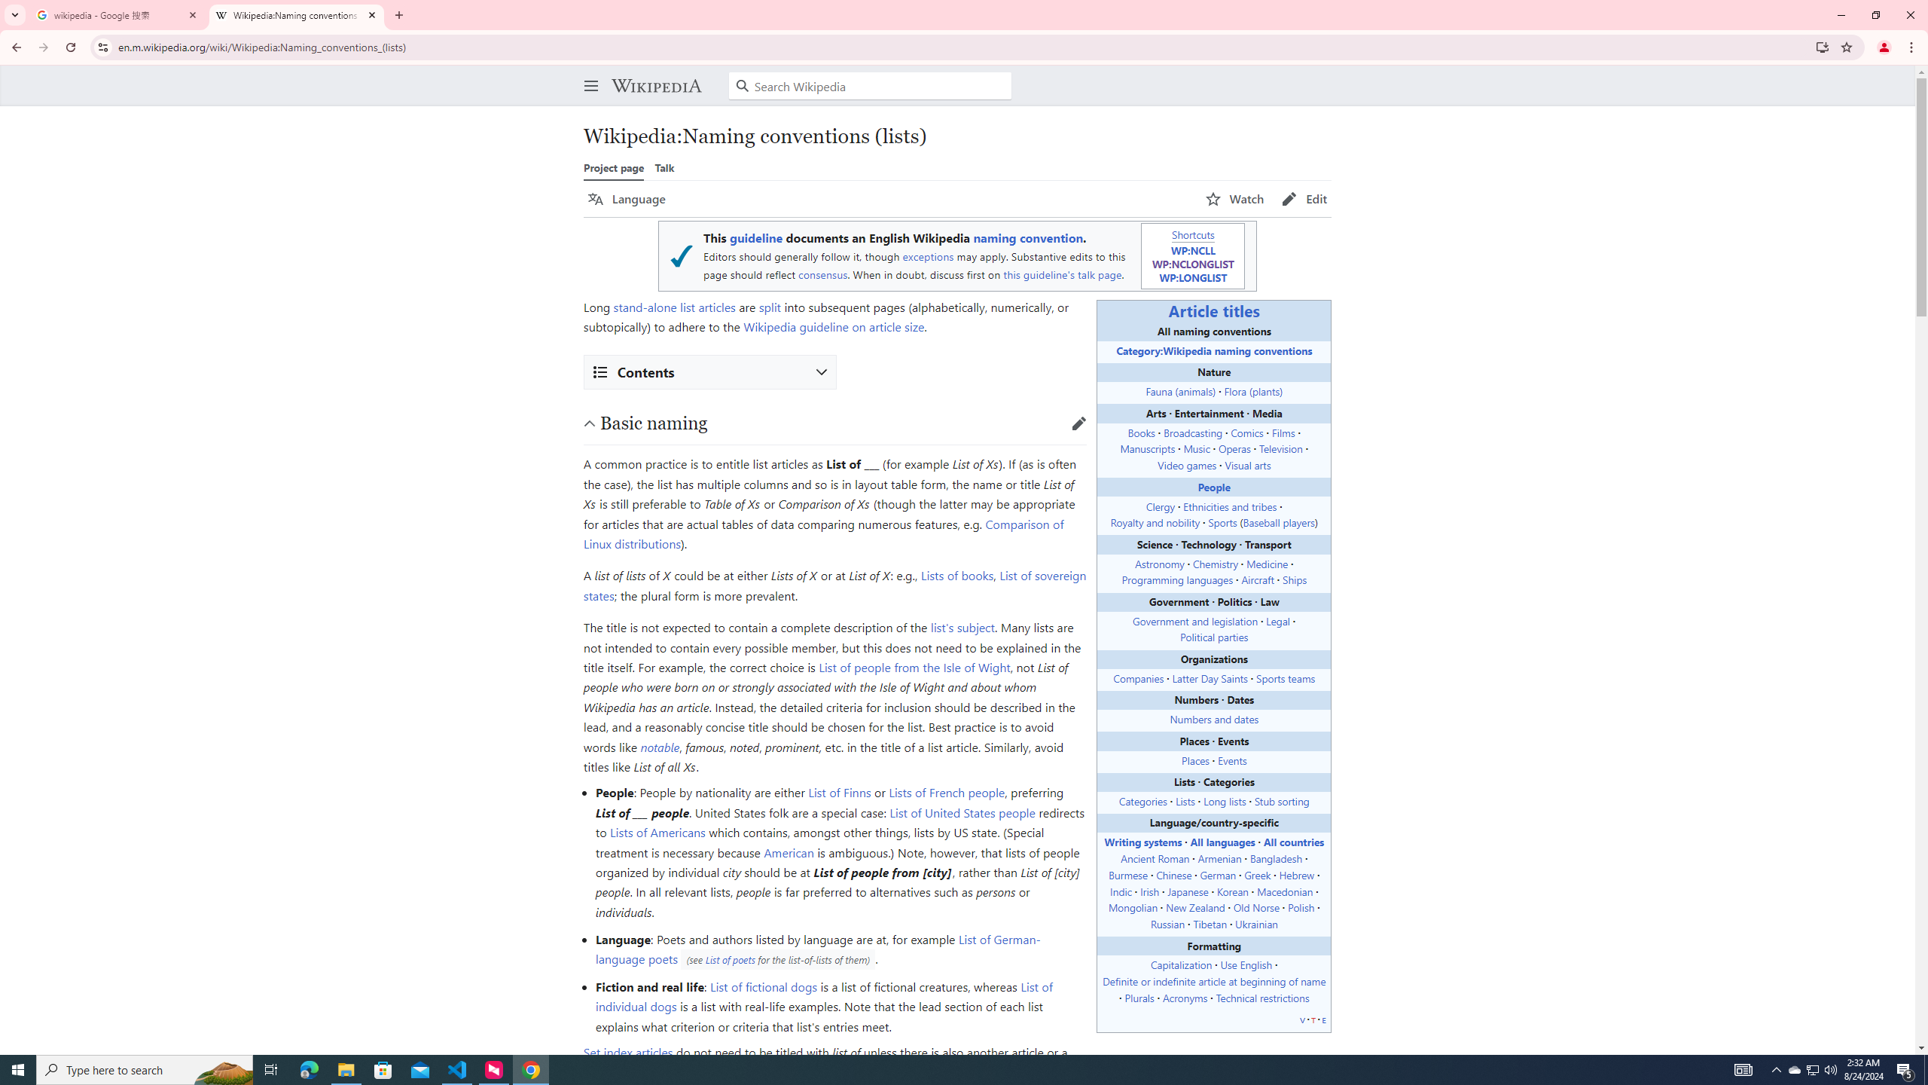  Describe the element at coordinates (1234, 199) in the screenshot. I see `'Watch'` at that location.